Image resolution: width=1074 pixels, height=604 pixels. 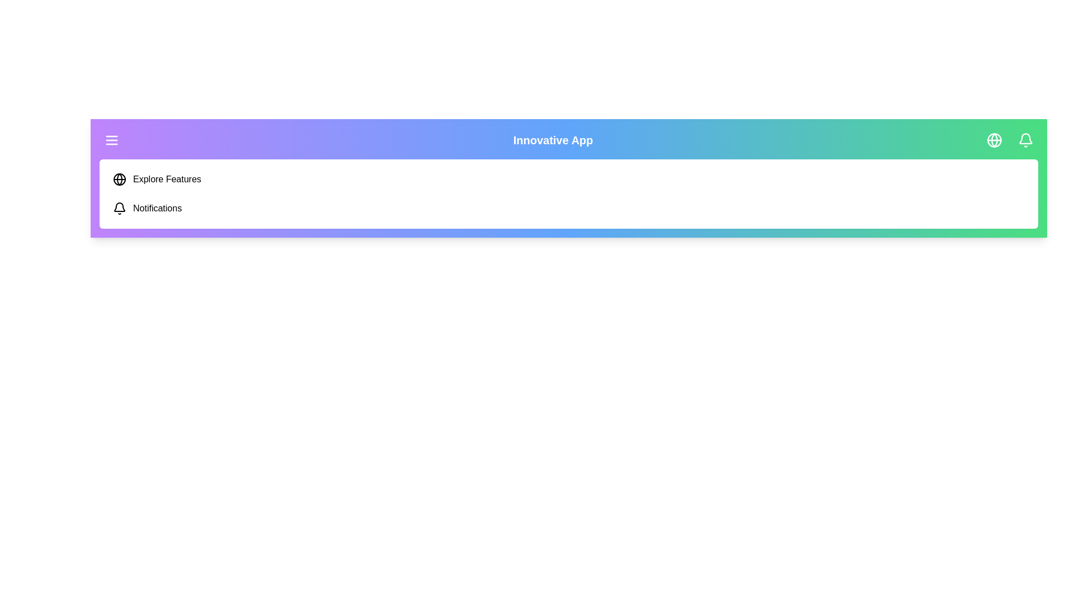 What do you see at coordinates (1025, 139) in the screenshot?
I see `the specified menu item: bell_icon` at bounding box center [1025, 139].